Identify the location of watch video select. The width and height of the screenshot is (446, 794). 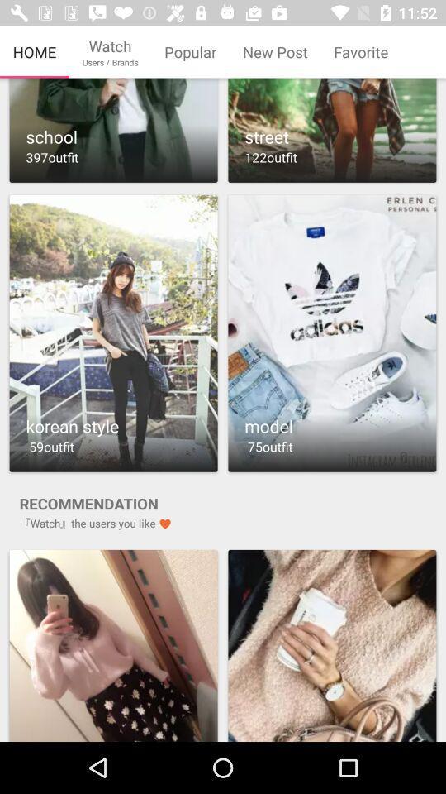
(112, 332).